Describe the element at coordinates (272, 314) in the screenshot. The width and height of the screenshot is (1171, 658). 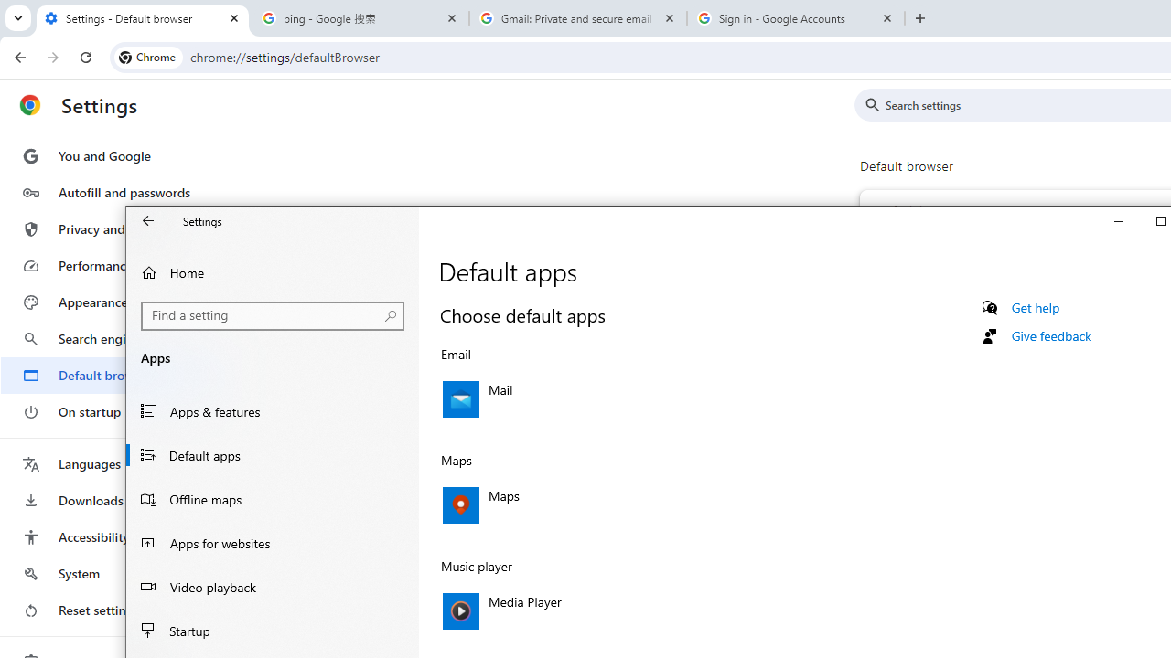
I see `'Search box, Find a setting'` at that location.